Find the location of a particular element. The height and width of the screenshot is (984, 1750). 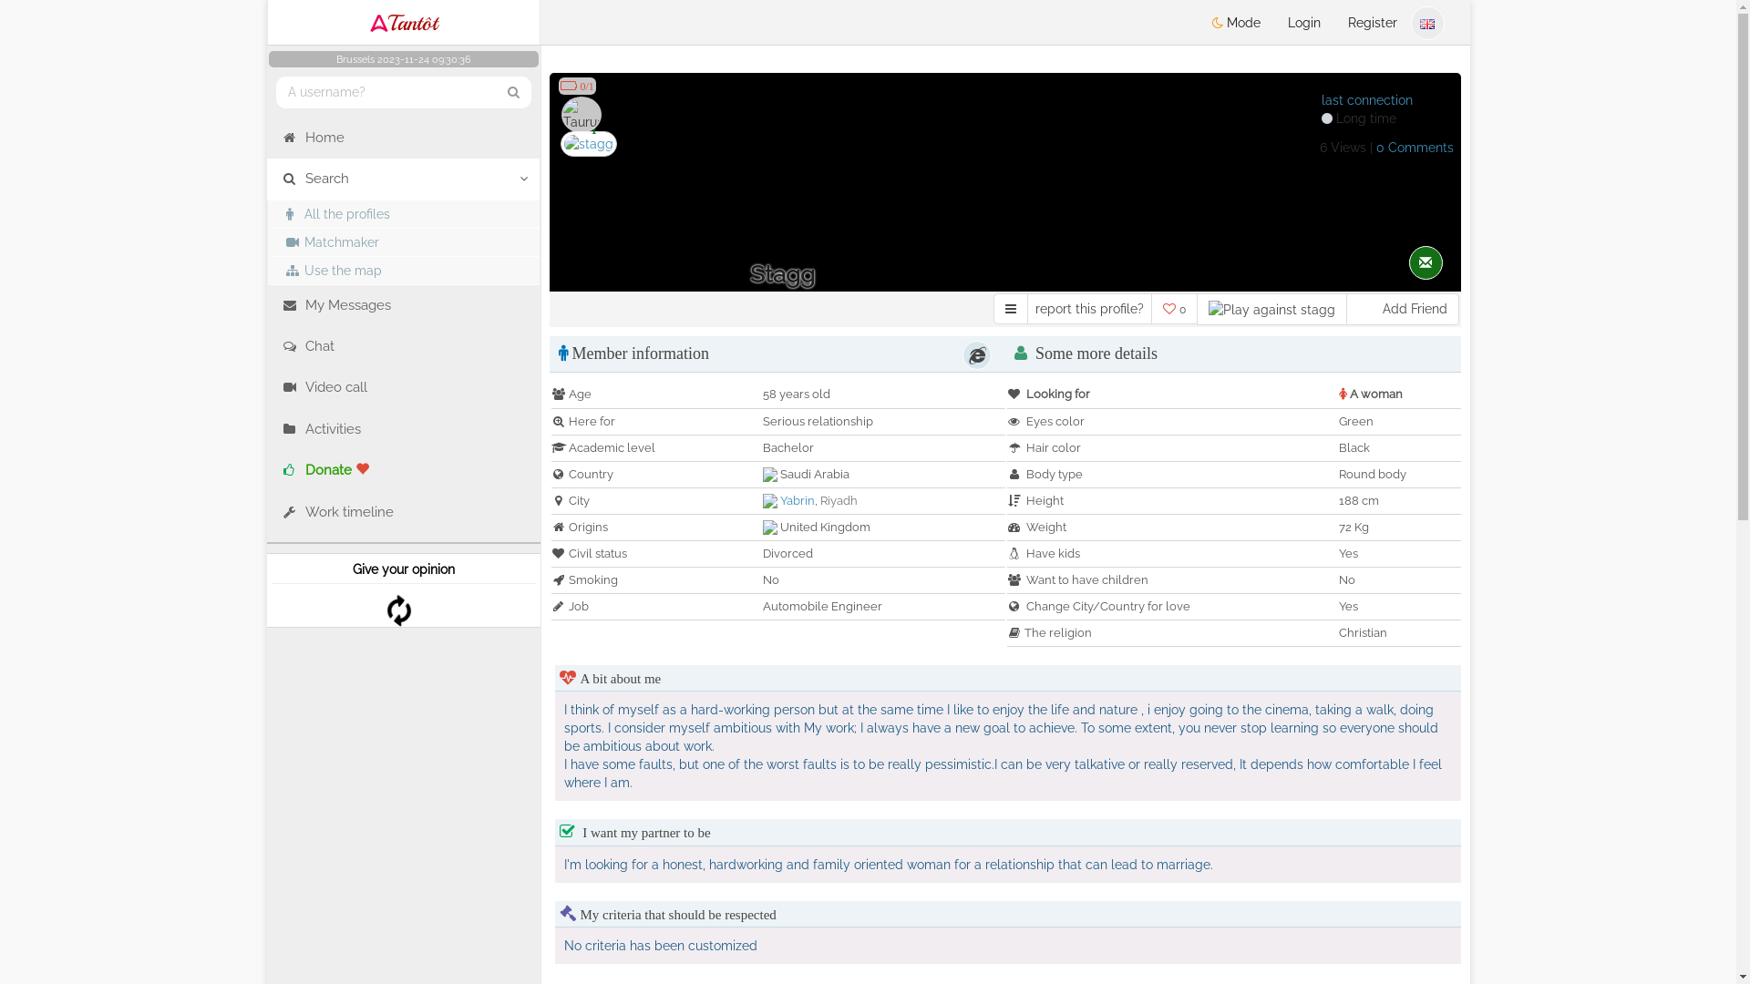

'stagg - date a Belgian, 100% free' is located at coordinates (587, 143).